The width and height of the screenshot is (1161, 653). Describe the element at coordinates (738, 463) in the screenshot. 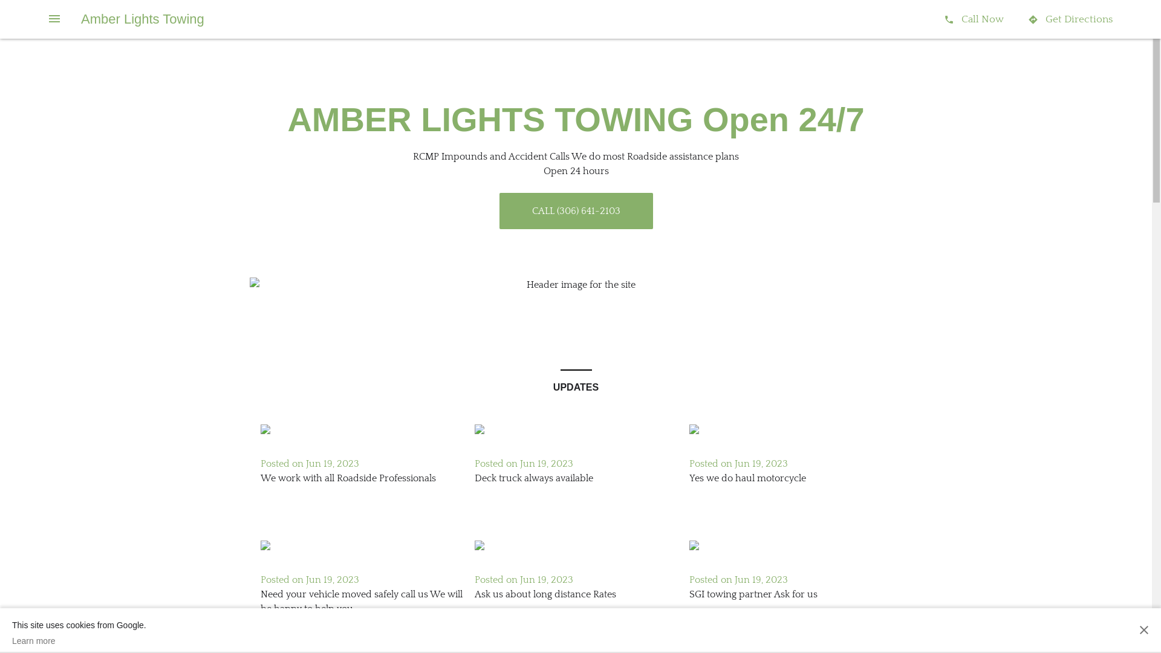

I see `'Posted on Jun 19, 2023'` at that location.